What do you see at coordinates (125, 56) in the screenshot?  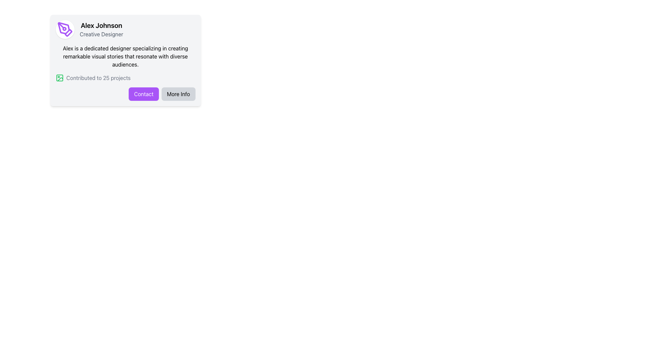 I see `the Text block that describes Alex Johnson's biography, located below the title 'Alex Johnson' and above the line 'Contributed to 25 projects.'` at bounding box center [125, 56].